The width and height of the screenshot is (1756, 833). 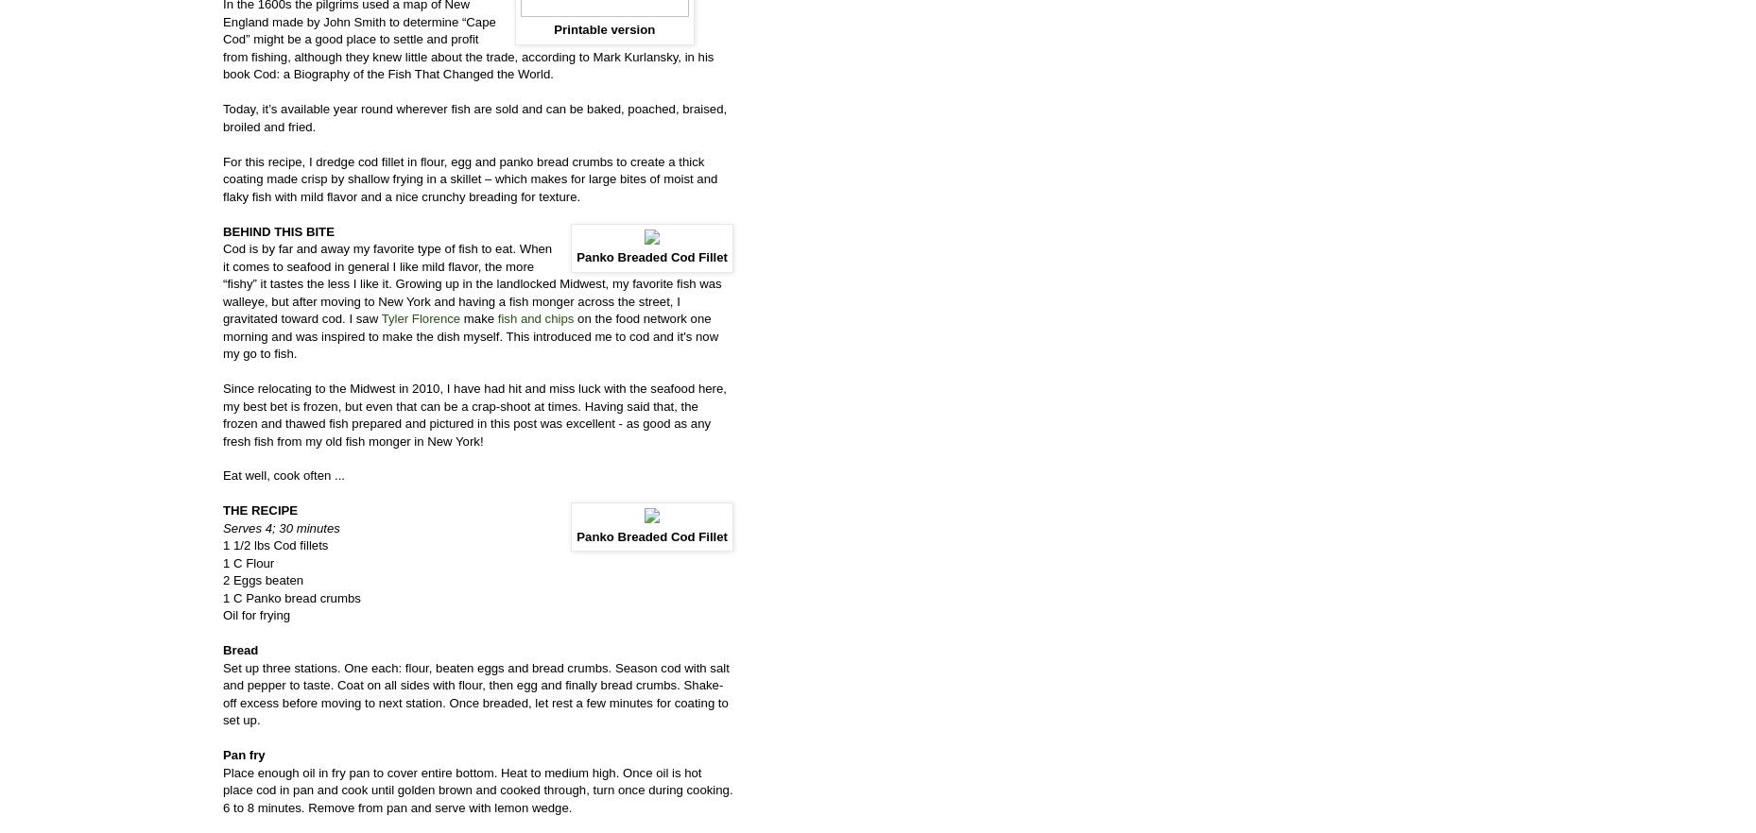 What do you see at coordinates (470, 334) in the screenshot?
I see `'on the food network one morning and was inspired to make the dish myself. This introduced me to cod and it's now my go to fish.'` at bounding box center [470, 334].